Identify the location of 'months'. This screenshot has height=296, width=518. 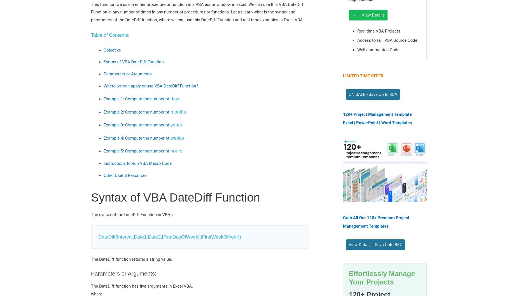
(170, 112).